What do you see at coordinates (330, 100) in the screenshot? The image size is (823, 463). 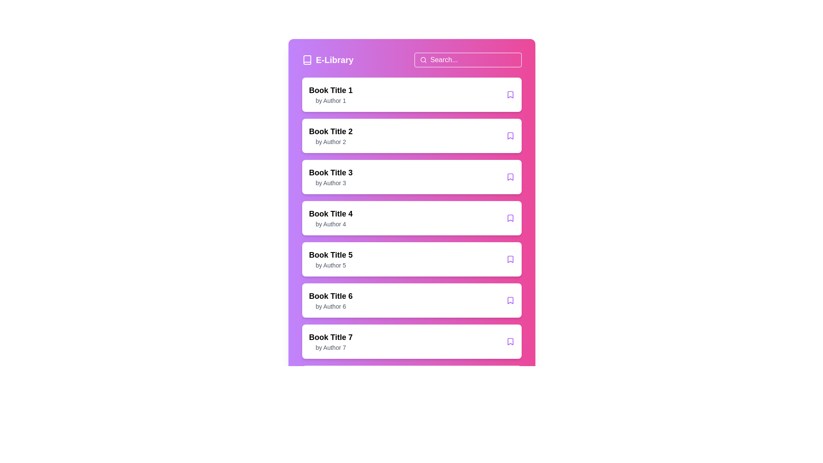 I see `text content of the author name label located below and aligned to the left of 'Book Title 1' in the first entry of the vertical book list` at bounding box center [330, 100].